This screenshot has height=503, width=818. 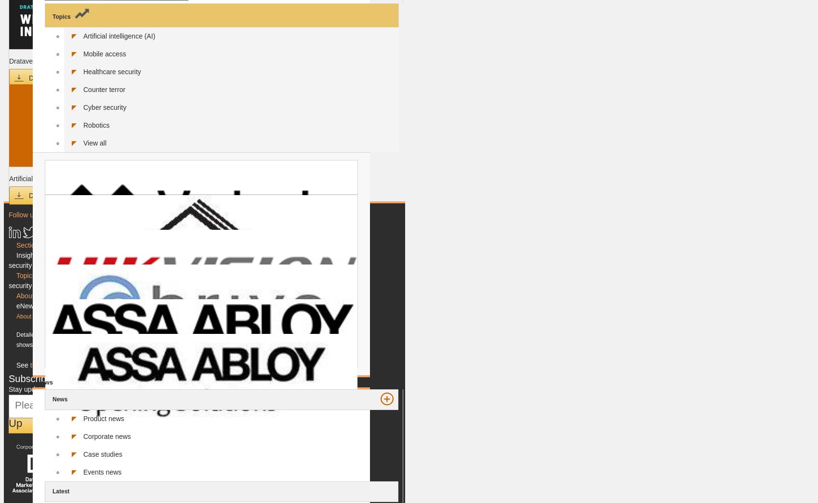 What do you see at coordinates (94, 142) in the screenshot?
I see `'View all'` at bounding box center [94, 142].